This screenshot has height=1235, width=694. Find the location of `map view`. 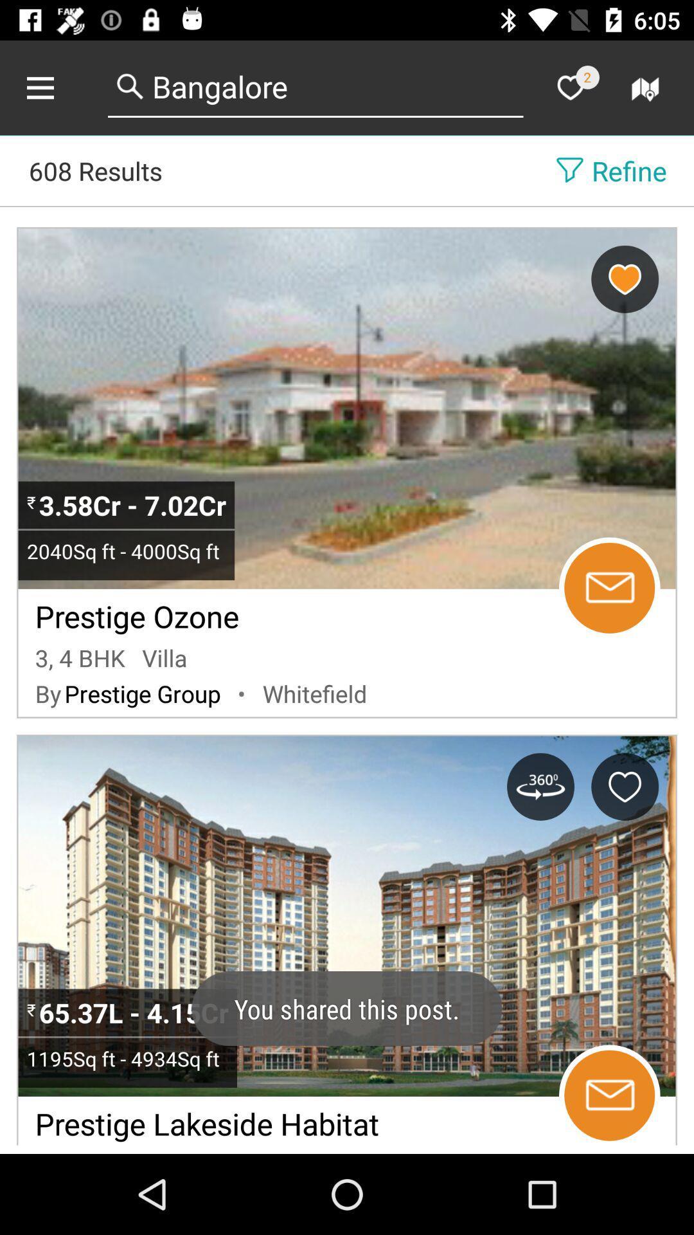

map view is located at coordinates (647, 87).